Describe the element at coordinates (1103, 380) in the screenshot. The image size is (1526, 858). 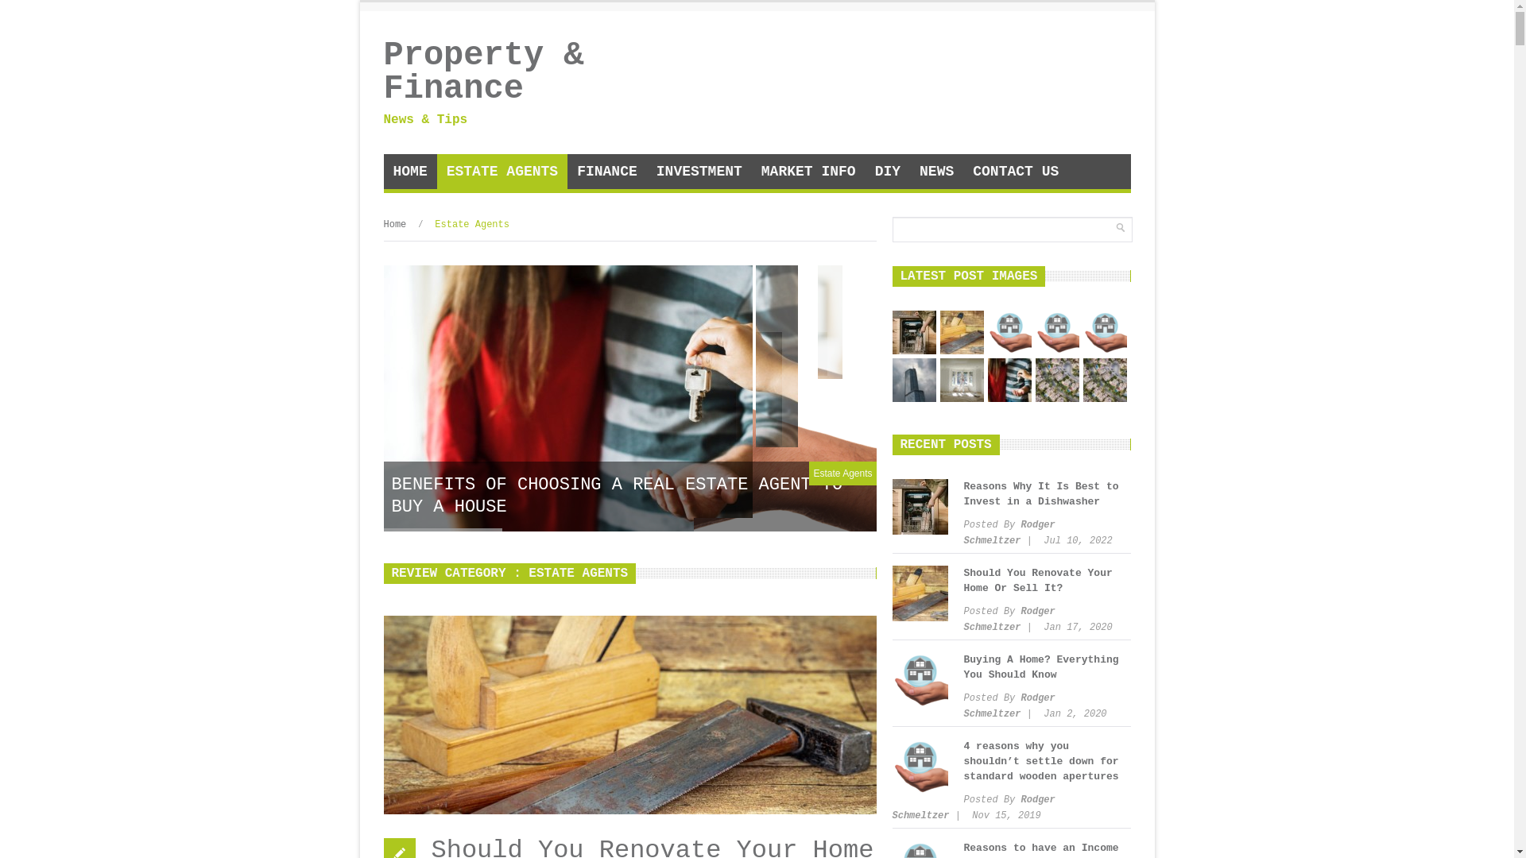
I see `'Does Your Roof Need Repairs?'` at that location.